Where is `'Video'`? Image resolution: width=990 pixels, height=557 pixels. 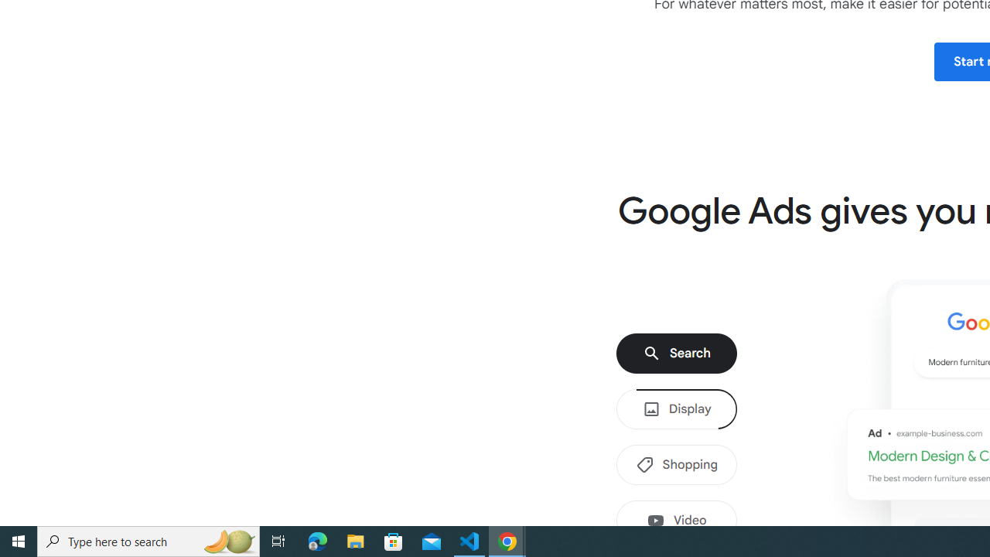 'Video' is located at coordinates (676, 521).